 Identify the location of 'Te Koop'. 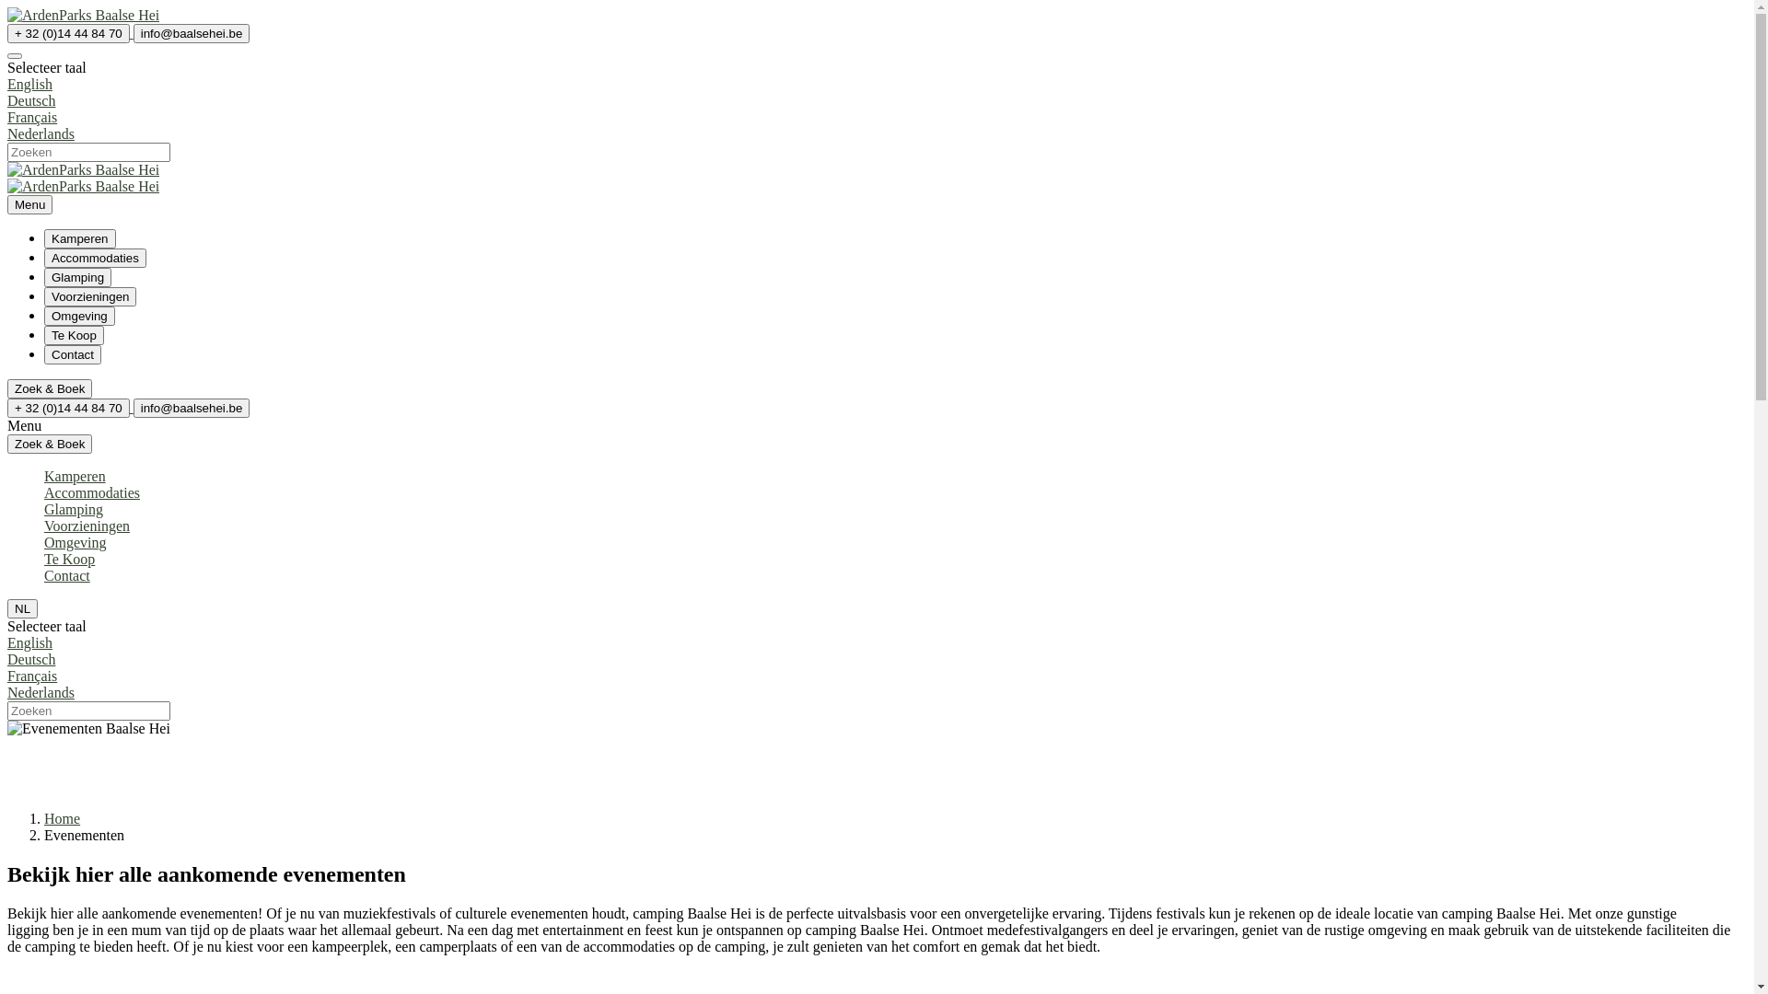
(69, 558).